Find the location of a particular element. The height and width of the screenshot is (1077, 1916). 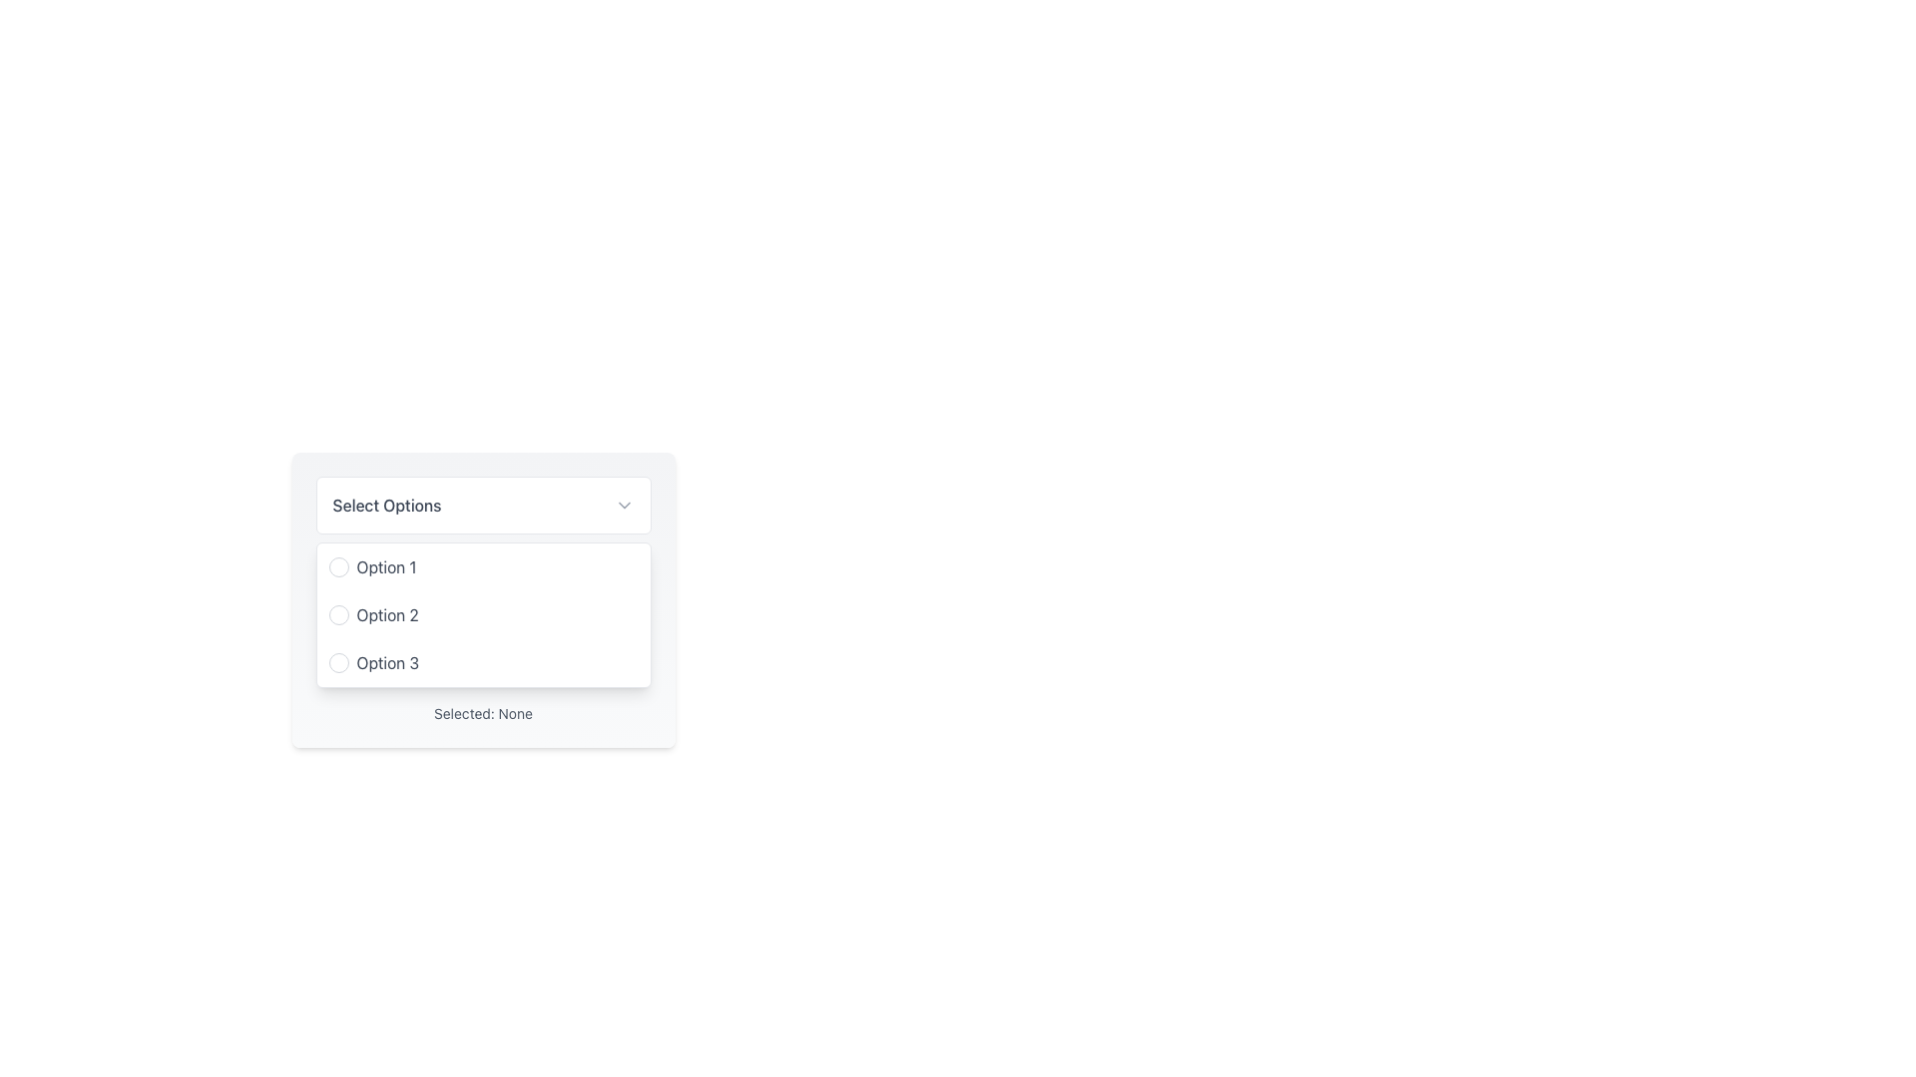

the text label for the first selectable option in the dropdown menu, located below the 'Select Options' title and next to a circular icon is located at coordinates (386, 567).